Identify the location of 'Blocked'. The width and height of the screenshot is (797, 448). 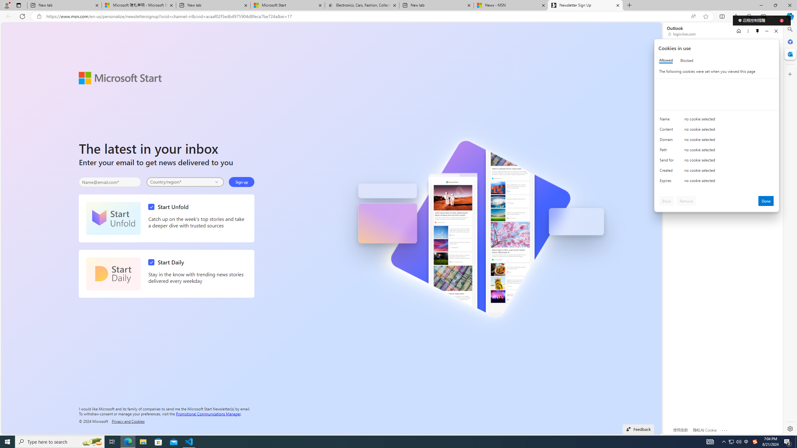
(686, 60).